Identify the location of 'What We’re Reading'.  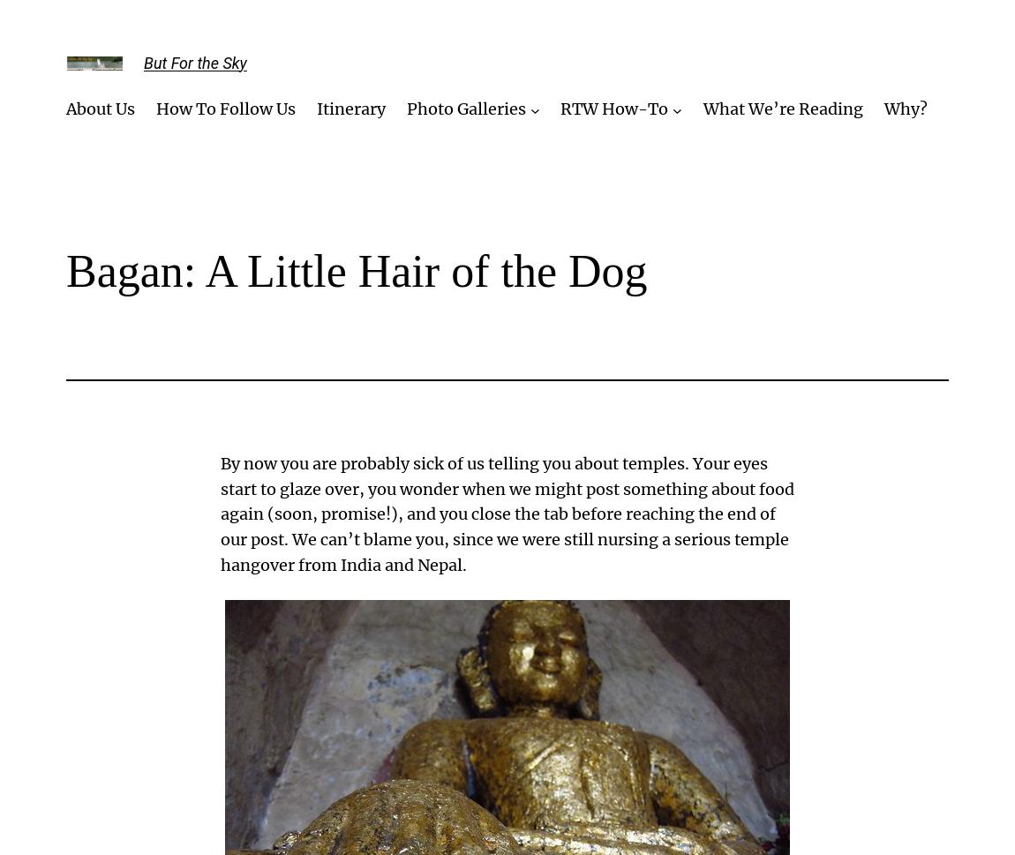
(782, 109).